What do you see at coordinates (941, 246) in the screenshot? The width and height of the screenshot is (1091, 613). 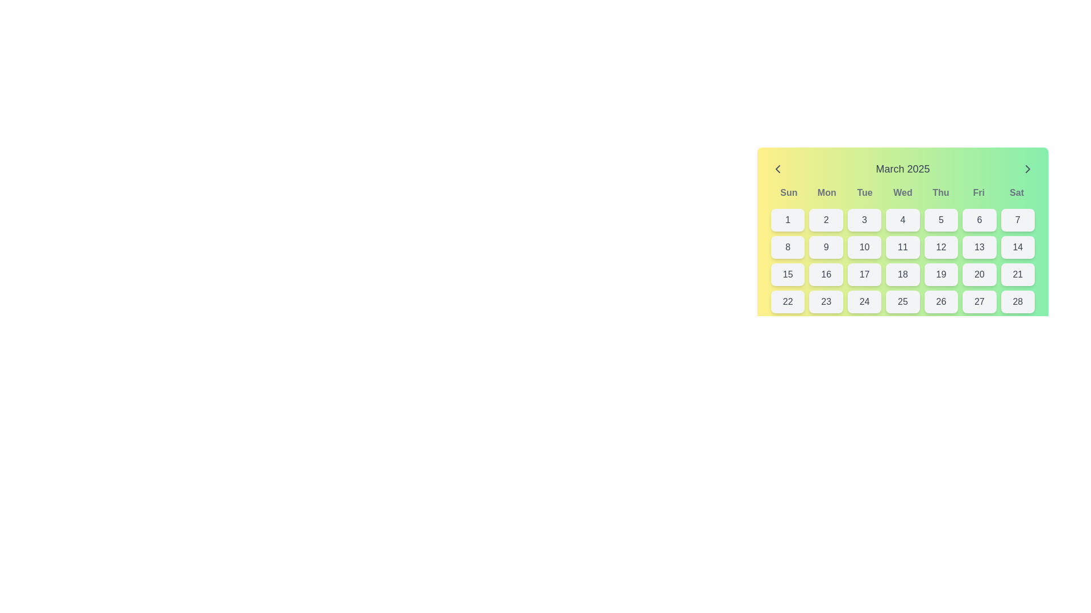 I see `the rectangular button labeled '12' with rounded corners and a light gray background located in the fifth row and fifth column of the calendar grid under the day label 'Thu'` at bounding box center [941, 246].